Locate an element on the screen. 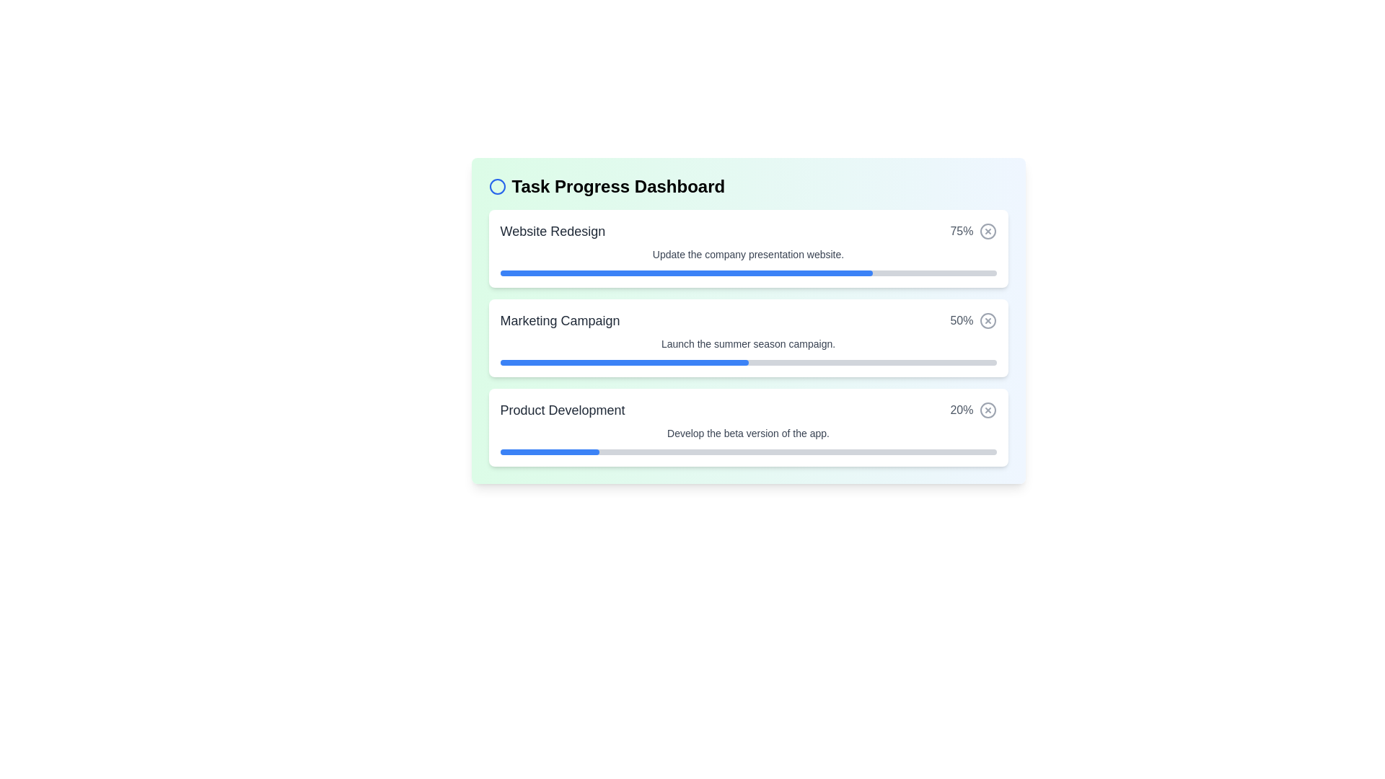 The height and width of the screenshot is (779, 1385). the Progress bar filler representing the completion percentage of the 'Product Development' task is located at coordinates (549, 452).